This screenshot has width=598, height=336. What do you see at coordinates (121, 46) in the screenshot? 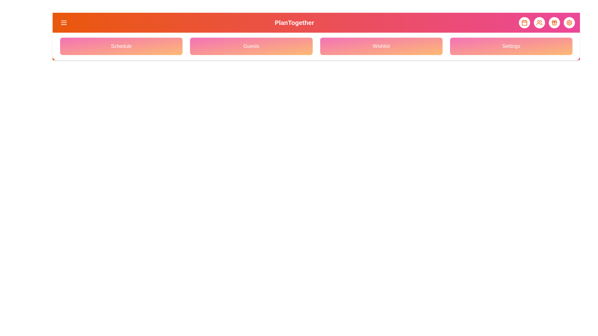
I see `the navigation menu option Schedule` at bounding box center [121, 46].